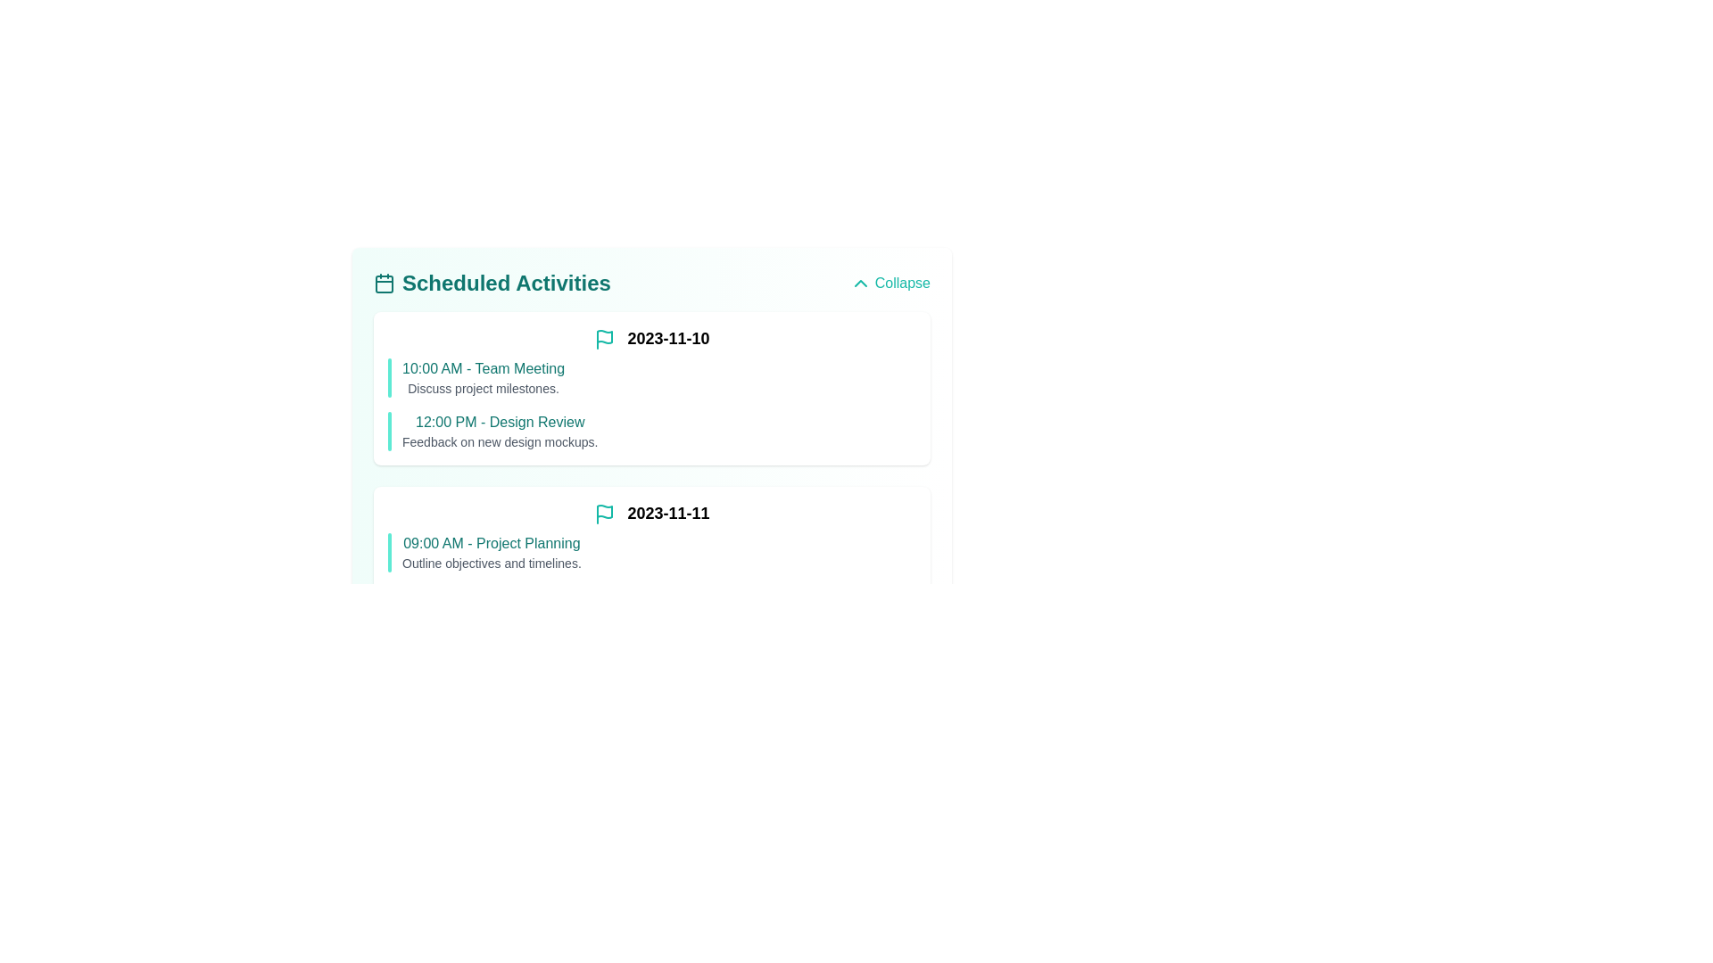  What do you see at coordinates (605, 514) in the screenshot?
I see `the teal stroke flag icon that appears next to the bold text label displaying the date '2023-11-11'` at bounding box center [605, 514].